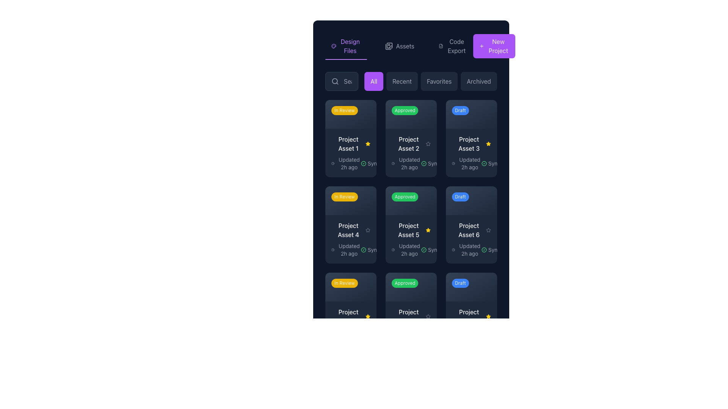  I want to click on the status indicator label at the top-center of the second card in the grid layout, which conveys that the associated project asset has been approved, so click(409, 112).